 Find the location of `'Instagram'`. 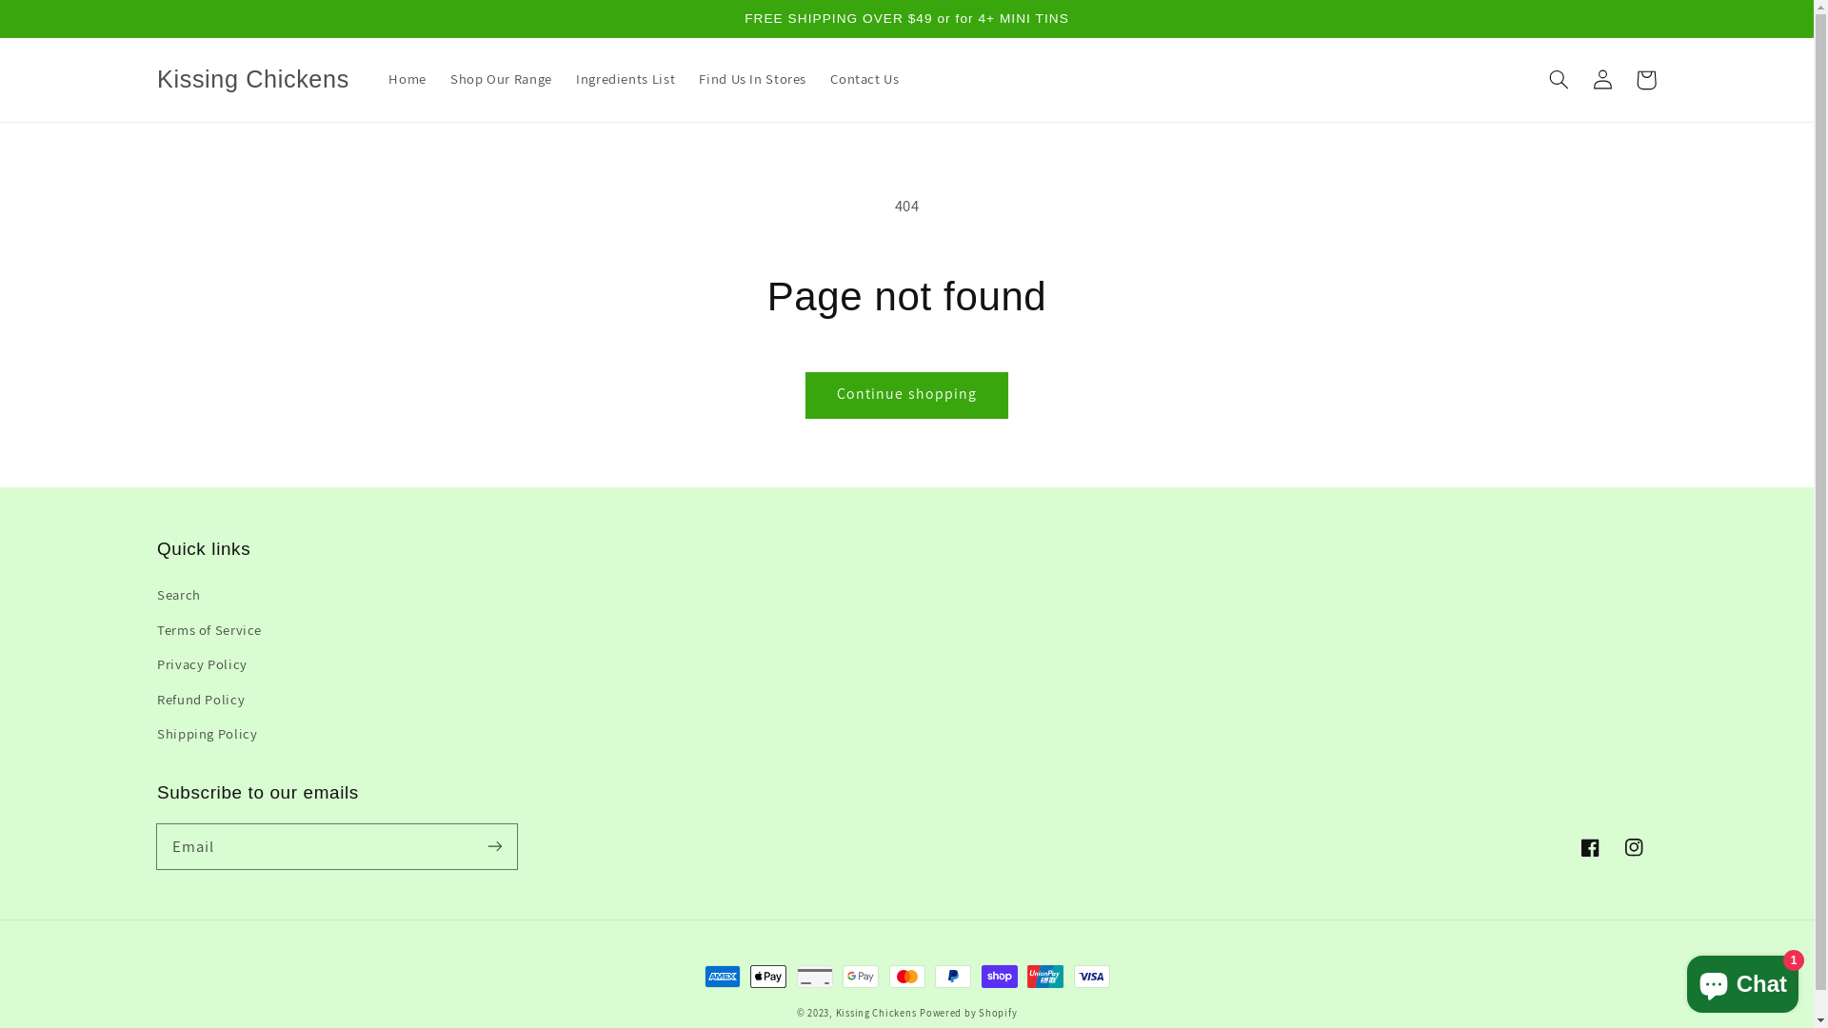

'Instagram' is located at coordinates (1612, 846).